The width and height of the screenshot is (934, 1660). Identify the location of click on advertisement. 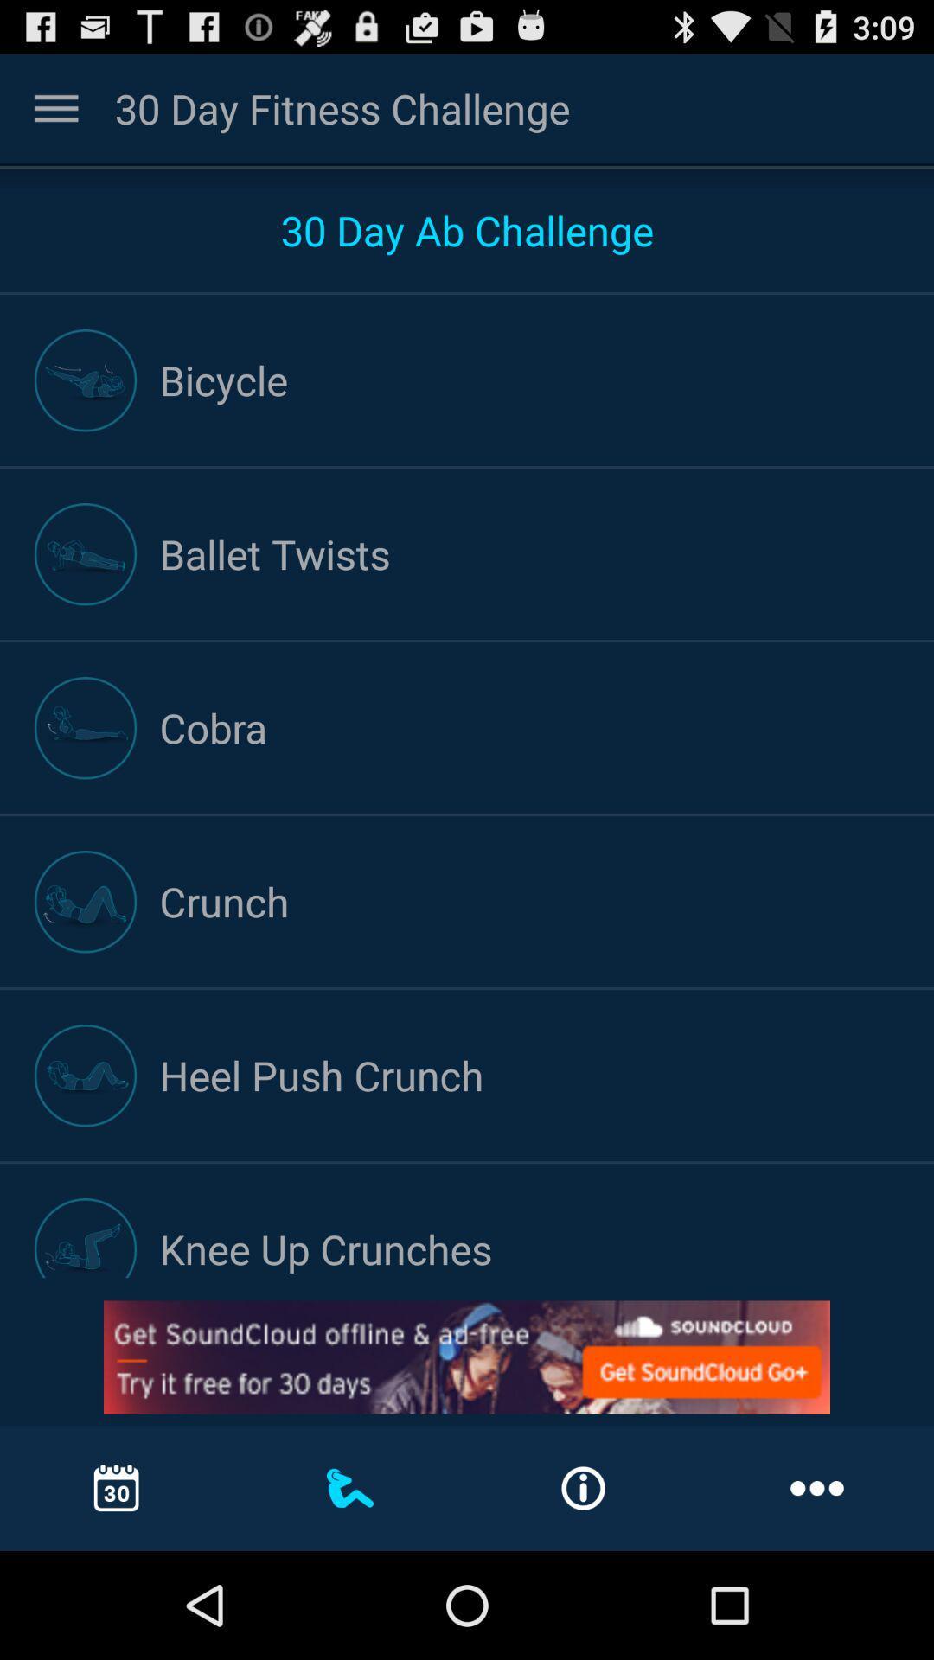
(467, 1357).